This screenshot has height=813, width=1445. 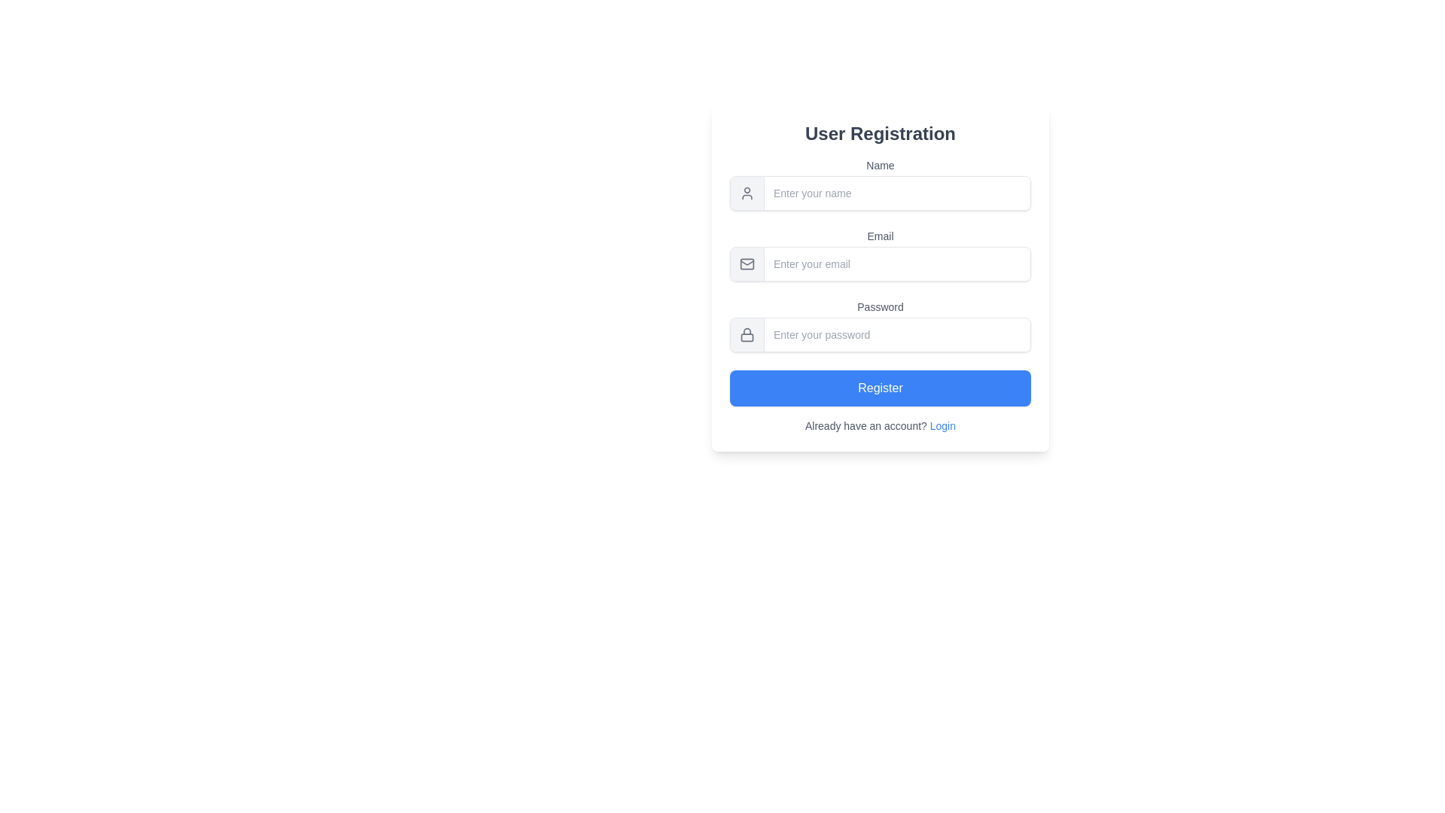 I want to click on the 'Login' hyperlink, which is blue and underlined, located within the prompt 'Already have an account?' at the bottom of the form, so click(x=942, y=426).